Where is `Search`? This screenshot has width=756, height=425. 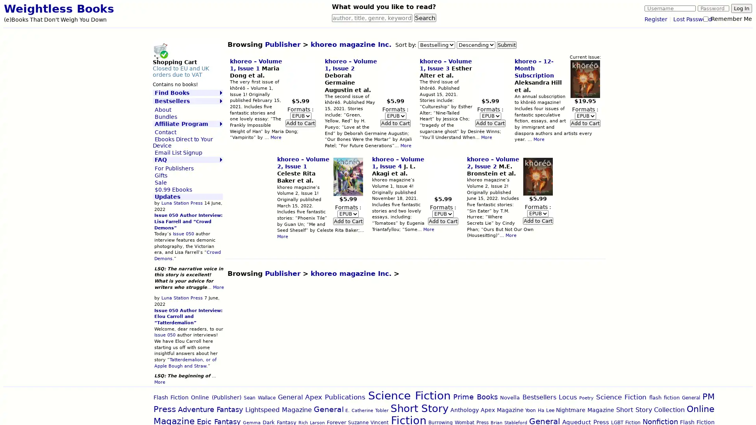
Search is located at coordinates (425, 18).